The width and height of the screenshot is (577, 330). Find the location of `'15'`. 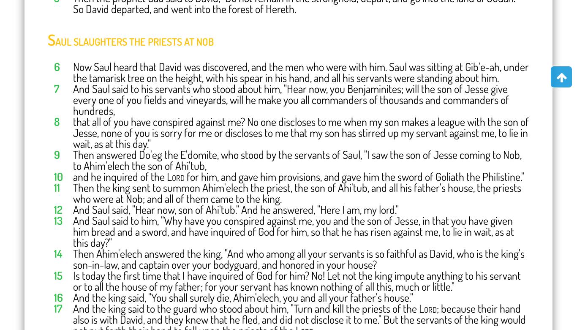

'15' is located at coordinates (57, 275).